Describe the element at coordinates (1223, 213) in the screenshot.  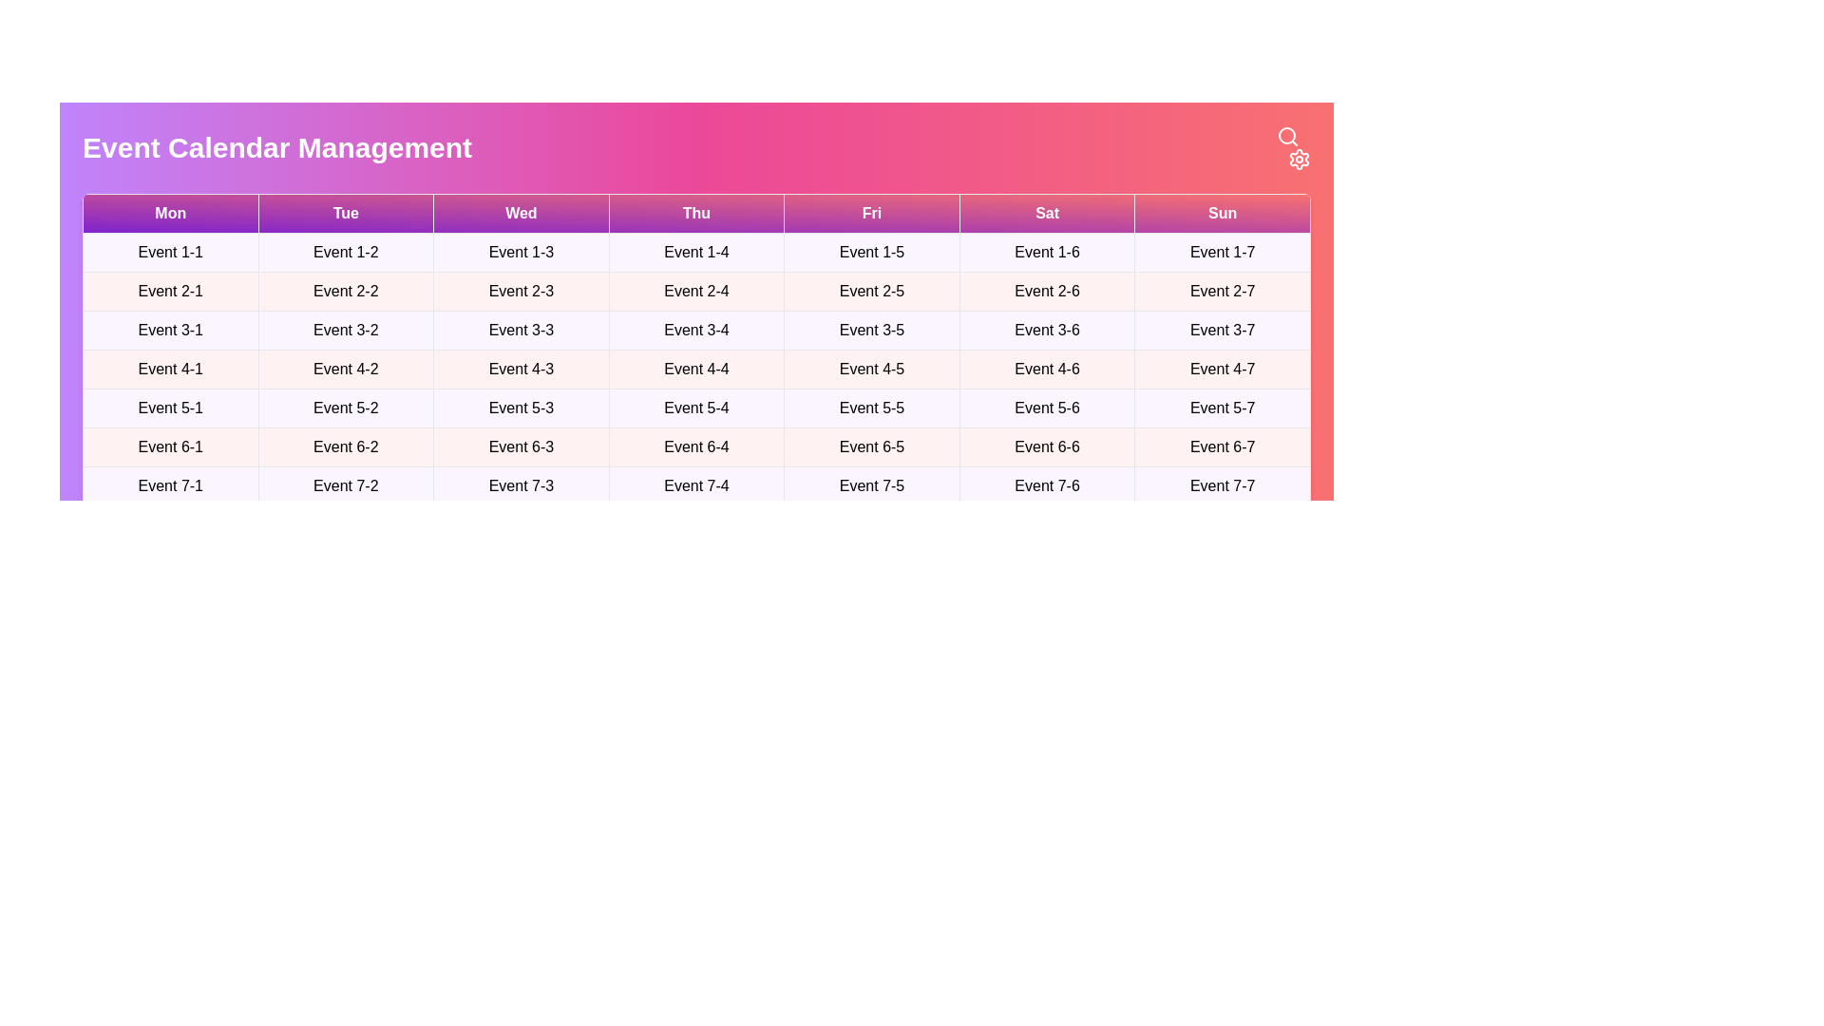
I see `the table header corresponding to Sun` at that location.